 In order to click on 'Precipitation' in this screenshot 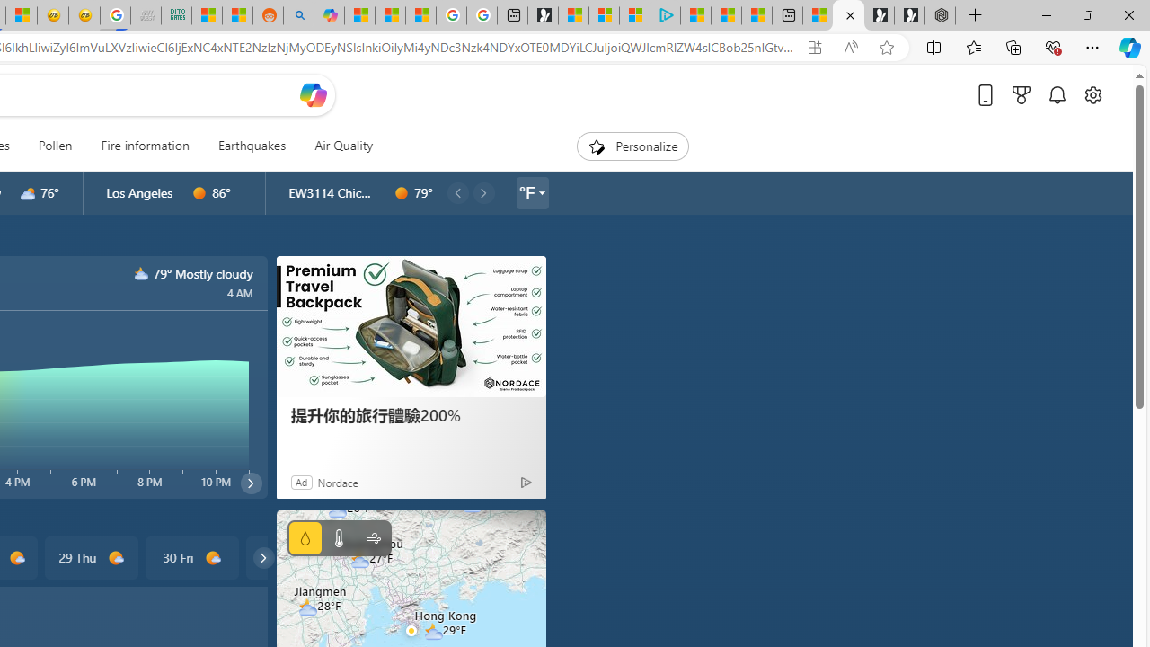, I will do `click(305, 537)`.